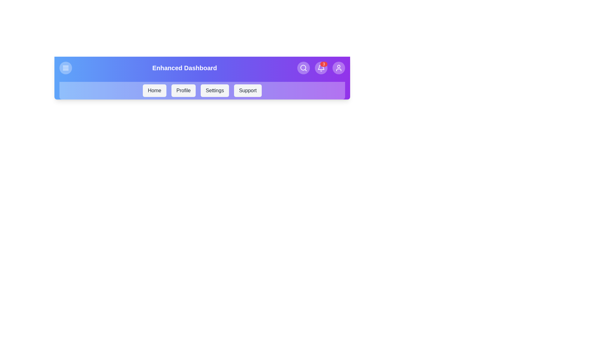 The image size is (604, 340). Describe the element at coordinates (183, 91) in the screenshot. I see `the menu item labeled Profile` at that location.